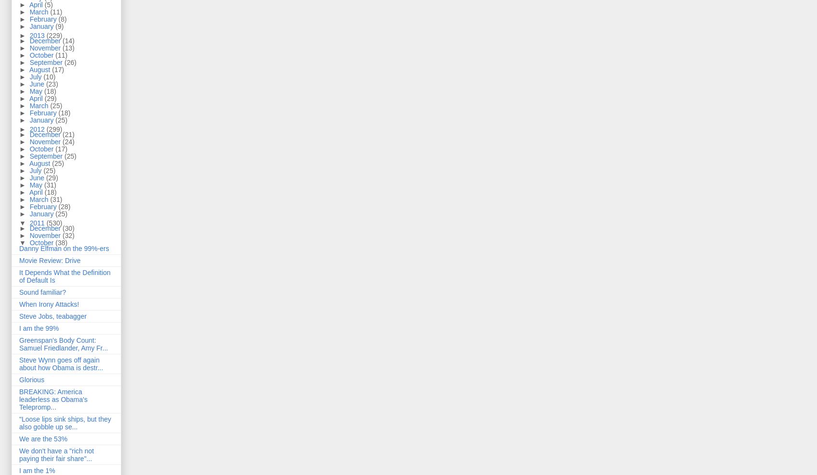 The height and width of the screenshot is (475, 817). What do you see at coordinates (54, 26) in the screenshot?
I see `'(9)'` at bounding box center [54, 26].